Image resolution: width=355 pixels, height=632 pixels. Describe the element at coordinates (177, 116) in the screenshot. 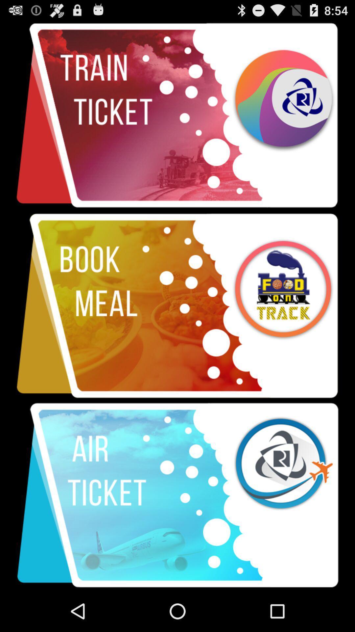

I see `train ticket option` at that location.